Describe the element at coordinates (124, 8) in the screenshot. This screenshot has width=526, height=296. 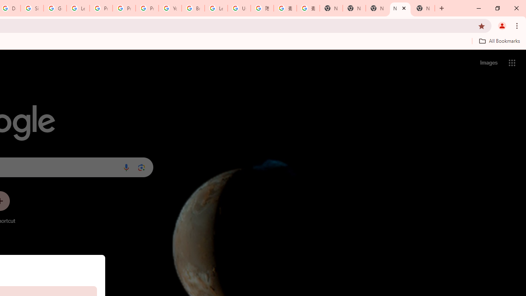
I see `'Privacy Help Center - Policies Help'` at that location.